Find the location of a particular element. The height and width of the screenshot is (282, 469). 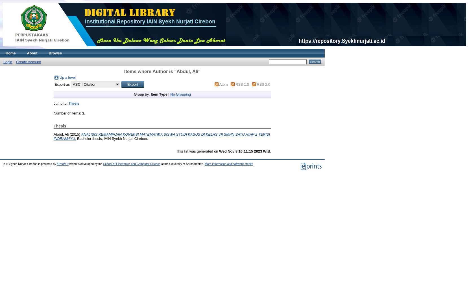

'IAIN Syekh Nurjati Cirebon is powered by' is located at coordinates (30, 163).